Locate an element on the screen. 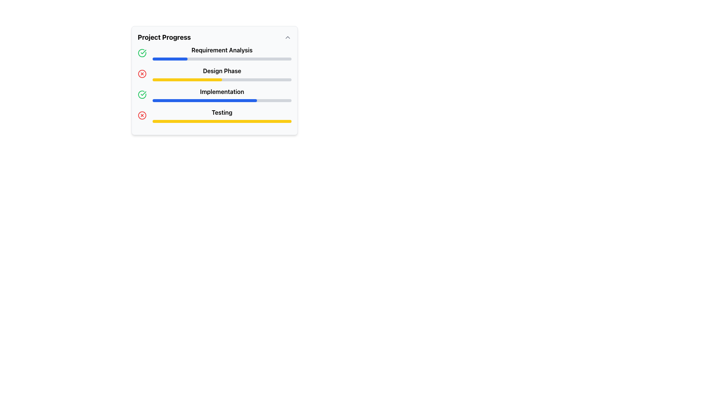 This screenshot has width=713, height=401. the 'Design Phase' section header that is styled as a bold title in the project progress list, which features a partially filled yellow progress indicator below it is located at coordinates (214, 74).